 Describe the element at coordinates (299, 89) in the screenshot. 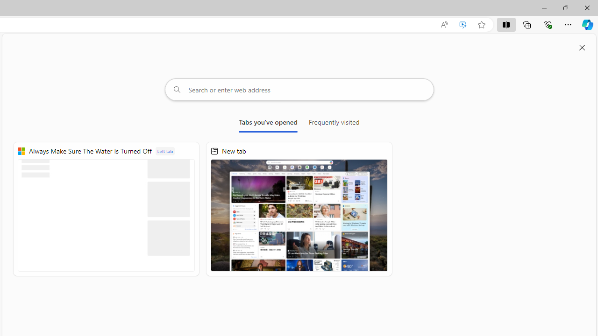

I see `'Search or enter web address'` at that location.